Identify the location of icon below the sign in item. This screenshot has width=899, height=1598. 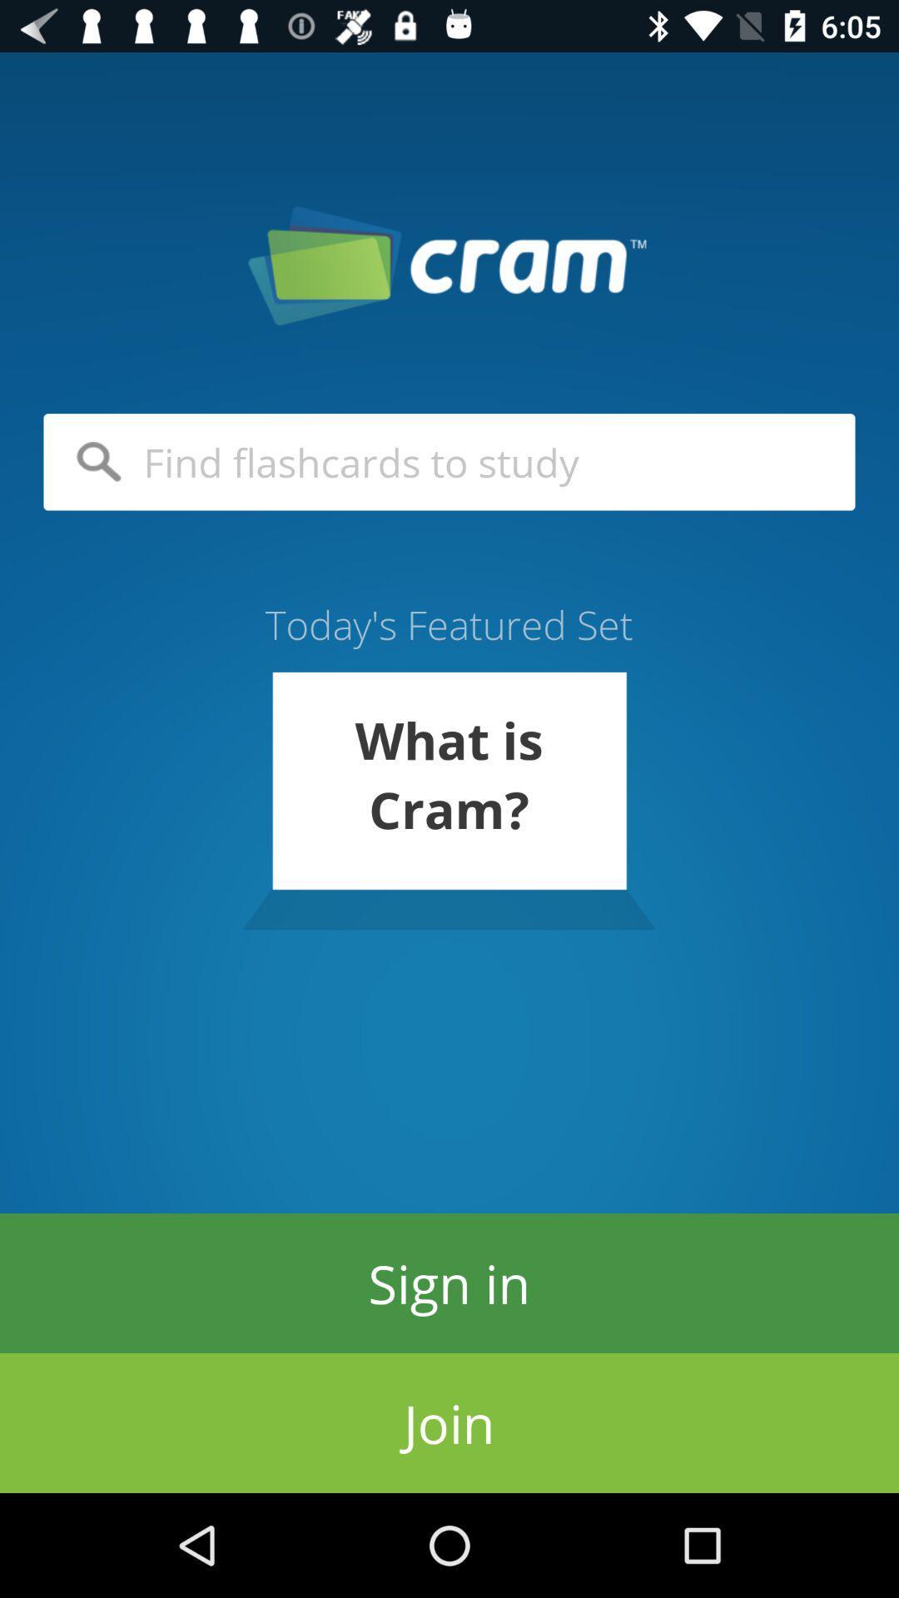
(449, 1422).